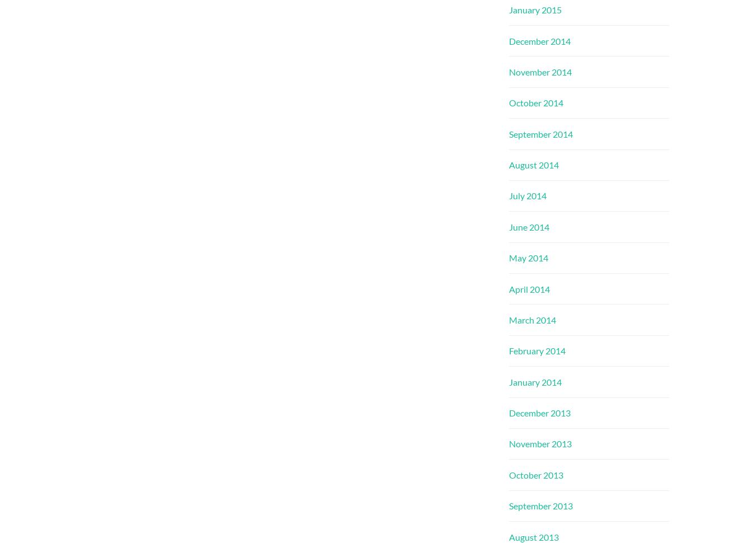  Describe the element at coordinates (539, 443) in the screenshot. I see `'November 2013'` at that location.